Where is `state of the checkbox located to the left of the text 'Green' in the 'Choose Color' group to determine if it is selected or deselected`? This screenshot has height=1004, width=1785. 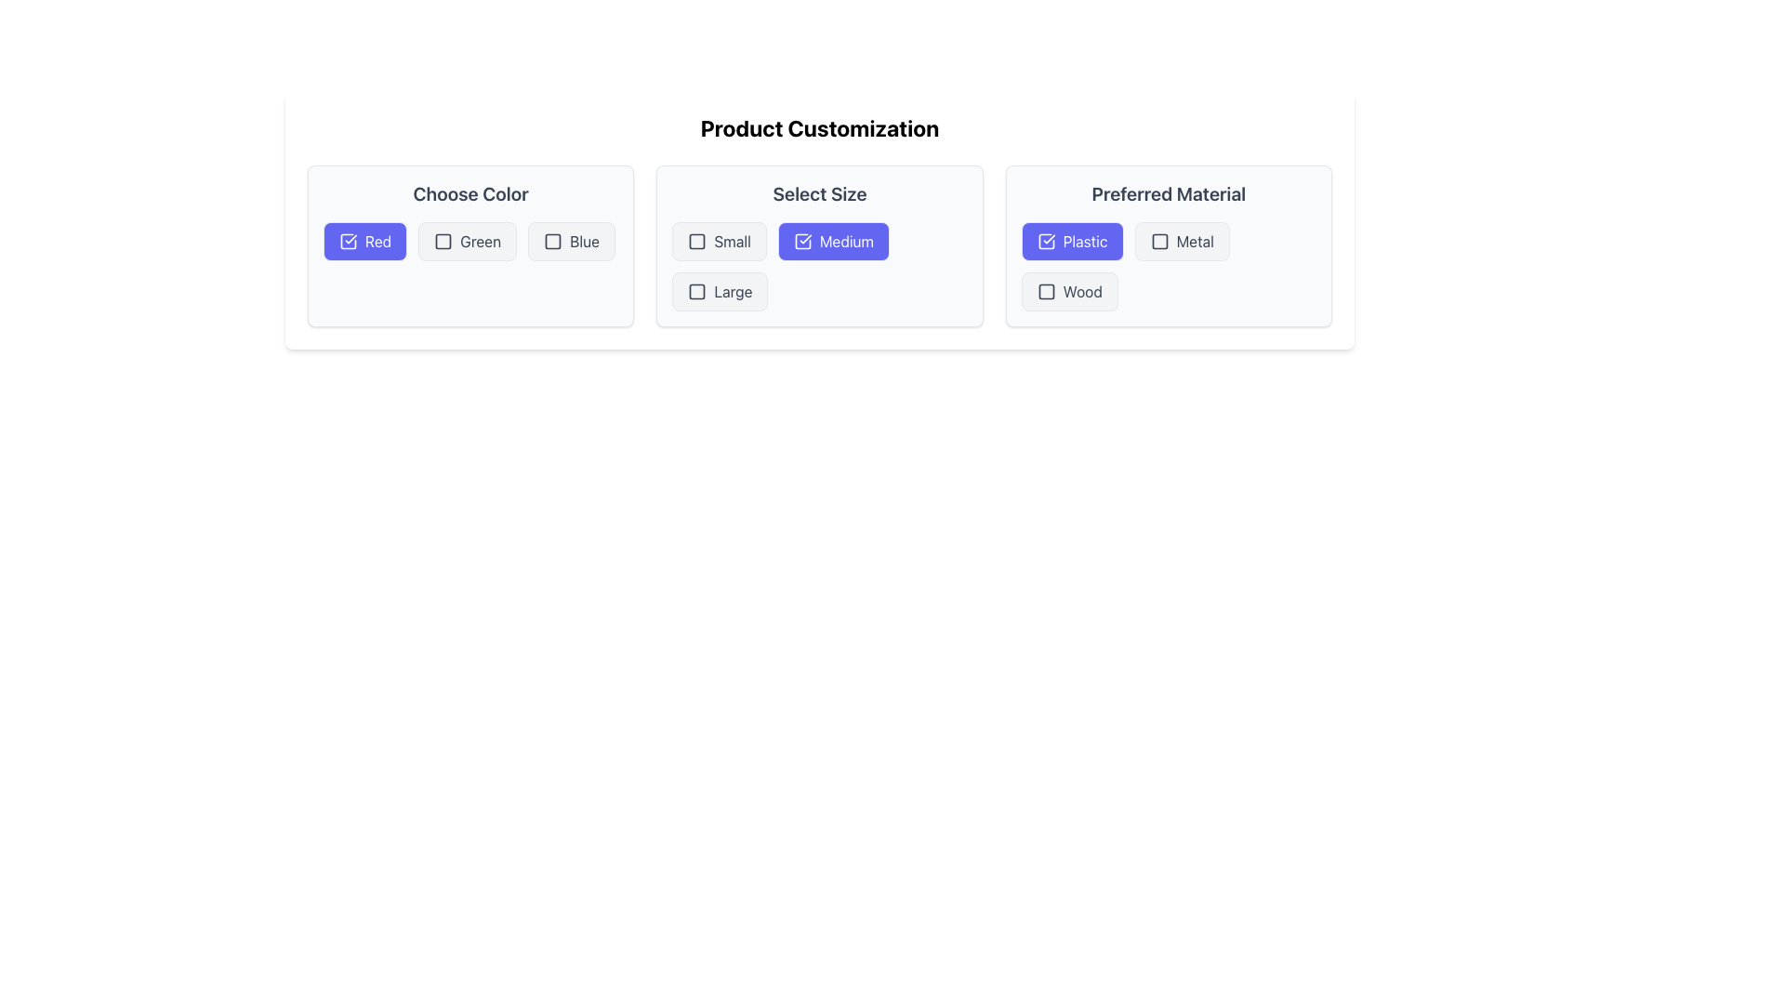 state of the checkbox located to the left of the text 'Green' in the 'Choose Color' group to determine if it is selected or deselected is located at coordinates (443, 240).